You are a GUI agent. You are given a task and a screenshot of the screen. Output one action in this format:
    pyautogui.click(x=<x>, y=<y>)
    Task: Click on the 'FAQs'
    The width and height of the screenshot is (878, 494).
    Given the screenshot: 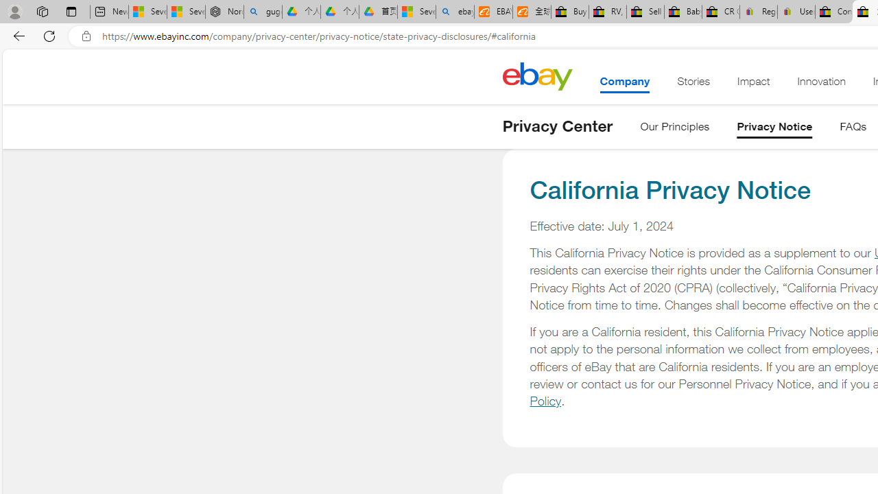 What is the action you would take?
    pyautogui.click(x=853, y=129)
    